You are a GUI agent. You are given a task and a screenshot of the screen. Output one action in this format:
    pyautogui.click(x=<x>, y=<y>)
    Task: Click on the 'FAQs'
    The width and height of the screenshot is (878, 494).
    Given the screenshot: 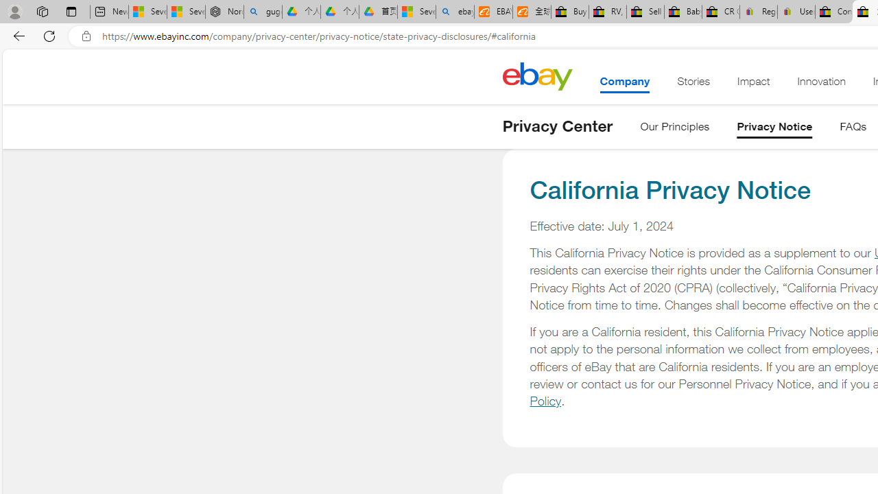 What is the action you would take?
    pyautogui.click(x=853, y=129)
    